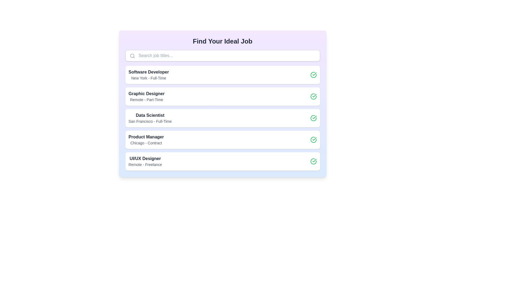 This screenshot has width=519, height=292. I want to click on the Text label indicating the employment type (contract) for the job role 'Product Manager', located in the fourth entry of the job postings list, near the bottom of the section, so click(146, 142).